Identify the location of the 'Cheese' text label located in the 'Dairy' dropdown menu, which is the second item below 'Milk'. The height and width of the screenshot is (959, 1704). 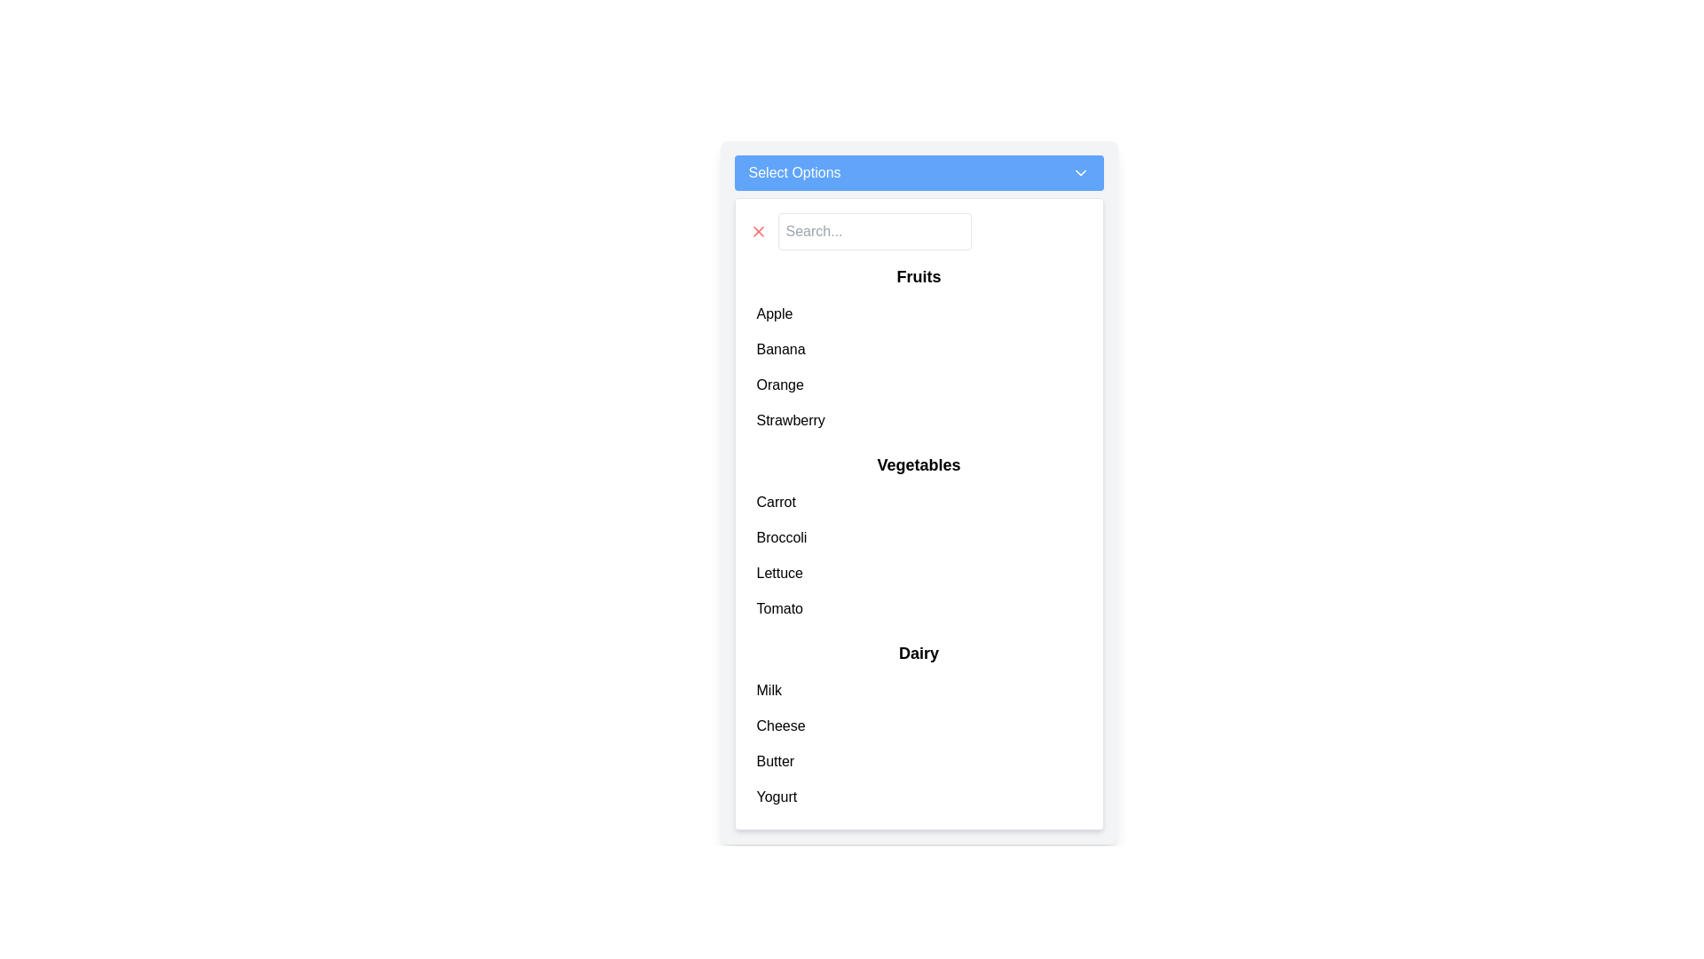
(781, 725).